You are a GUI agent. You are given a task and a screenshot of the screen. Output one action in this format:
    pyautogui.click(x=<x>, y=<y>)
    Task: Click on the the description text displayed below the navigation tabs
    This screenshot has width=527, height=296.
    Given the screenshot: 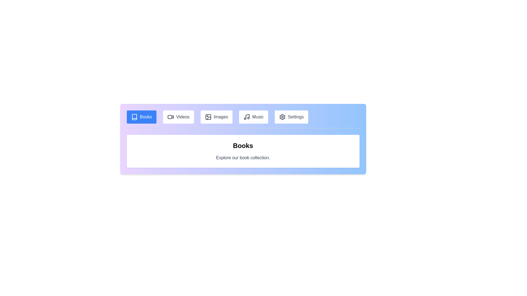 What is the action you would take?
    pyautogui.click(x=243, y=158)
    